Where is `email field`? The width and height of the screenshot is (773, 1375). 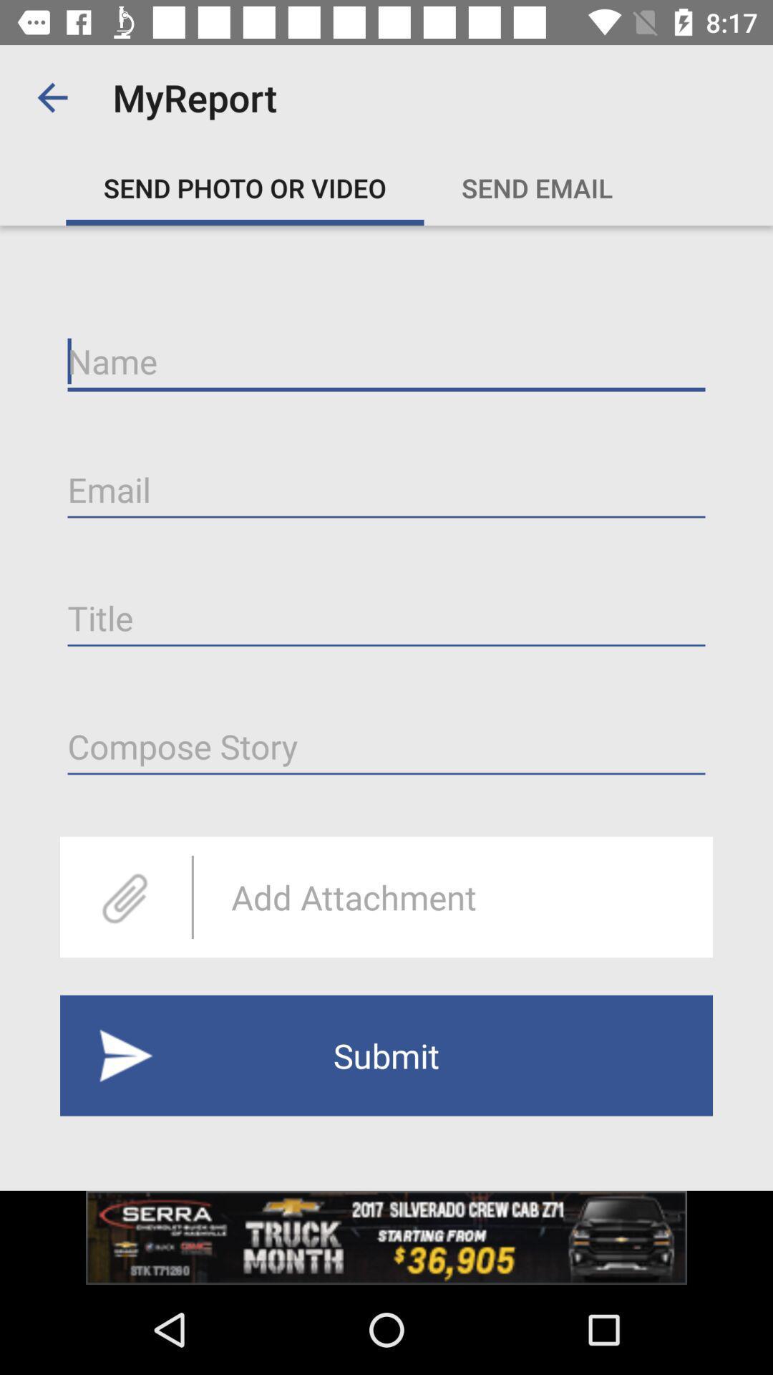
email field is located at coordinates (386, 490).